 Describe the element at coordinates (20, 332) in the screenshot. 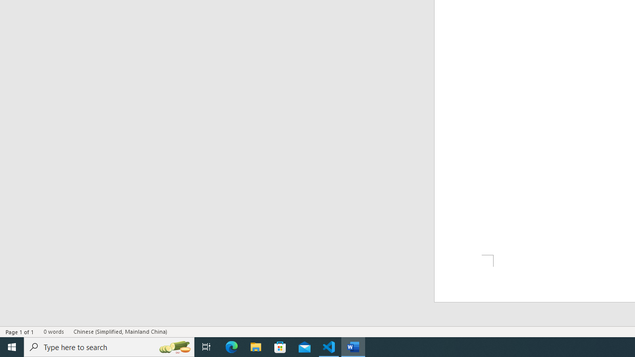

I see `'Page Number Page 1 of 1'` at that location.